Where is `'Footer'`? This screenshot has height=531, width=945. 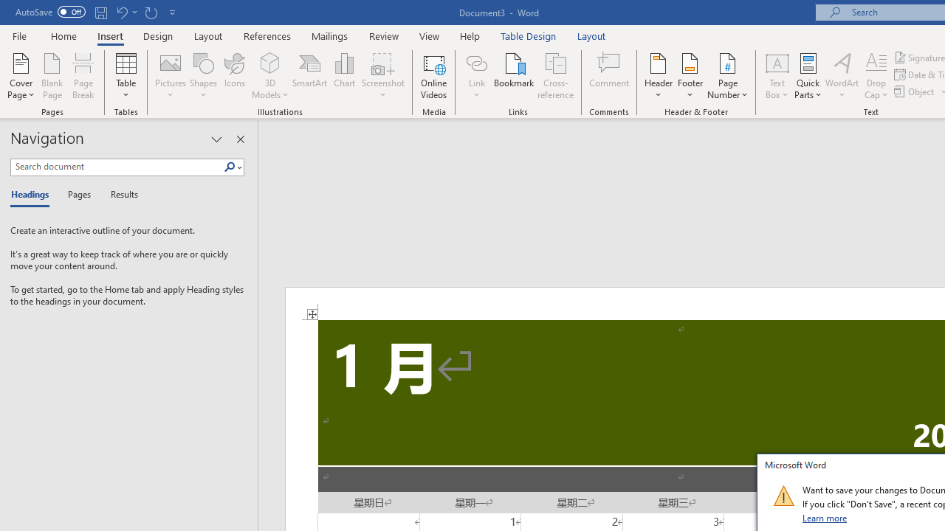 'Footer' is located at coordinates (690, 76).